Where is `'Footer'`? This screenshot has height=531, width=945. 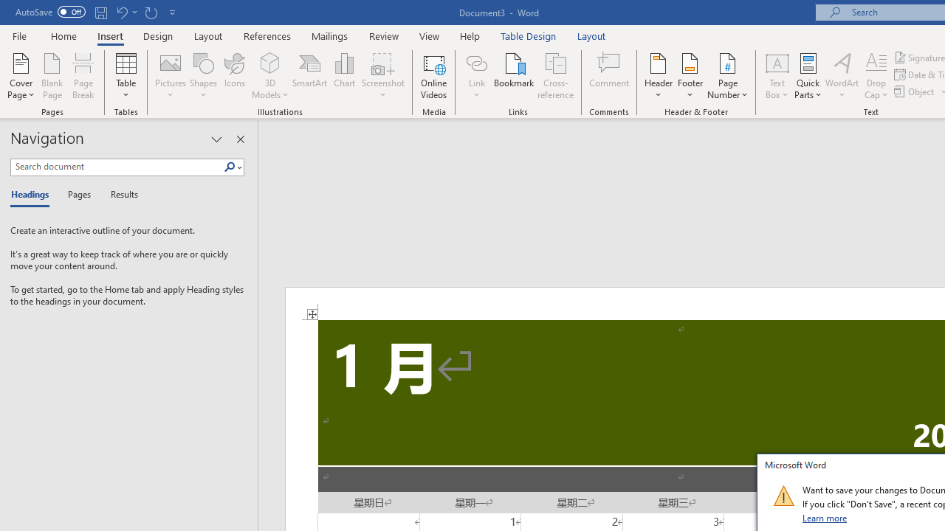 'Footer' is located at coordinates (690, 76).